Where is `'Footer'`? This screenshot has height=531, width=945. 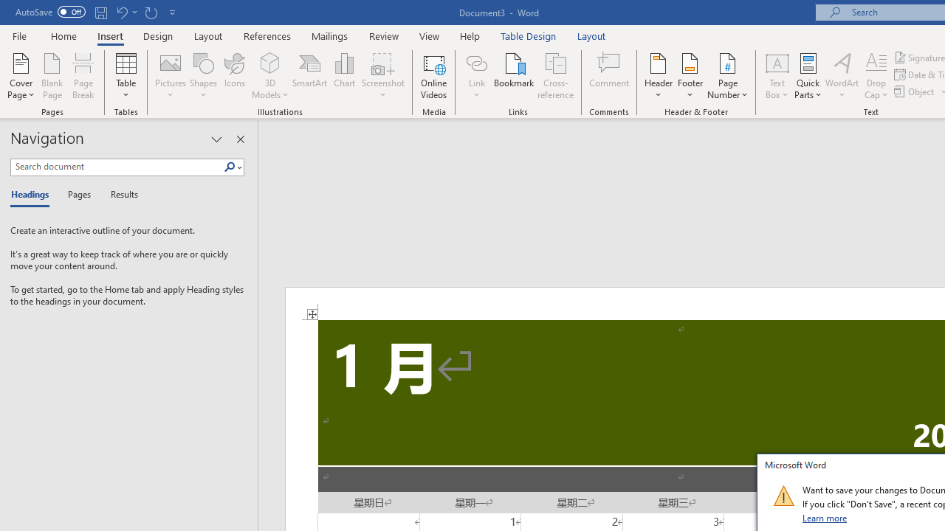 'Footer' is located at coordinates (690, 76).